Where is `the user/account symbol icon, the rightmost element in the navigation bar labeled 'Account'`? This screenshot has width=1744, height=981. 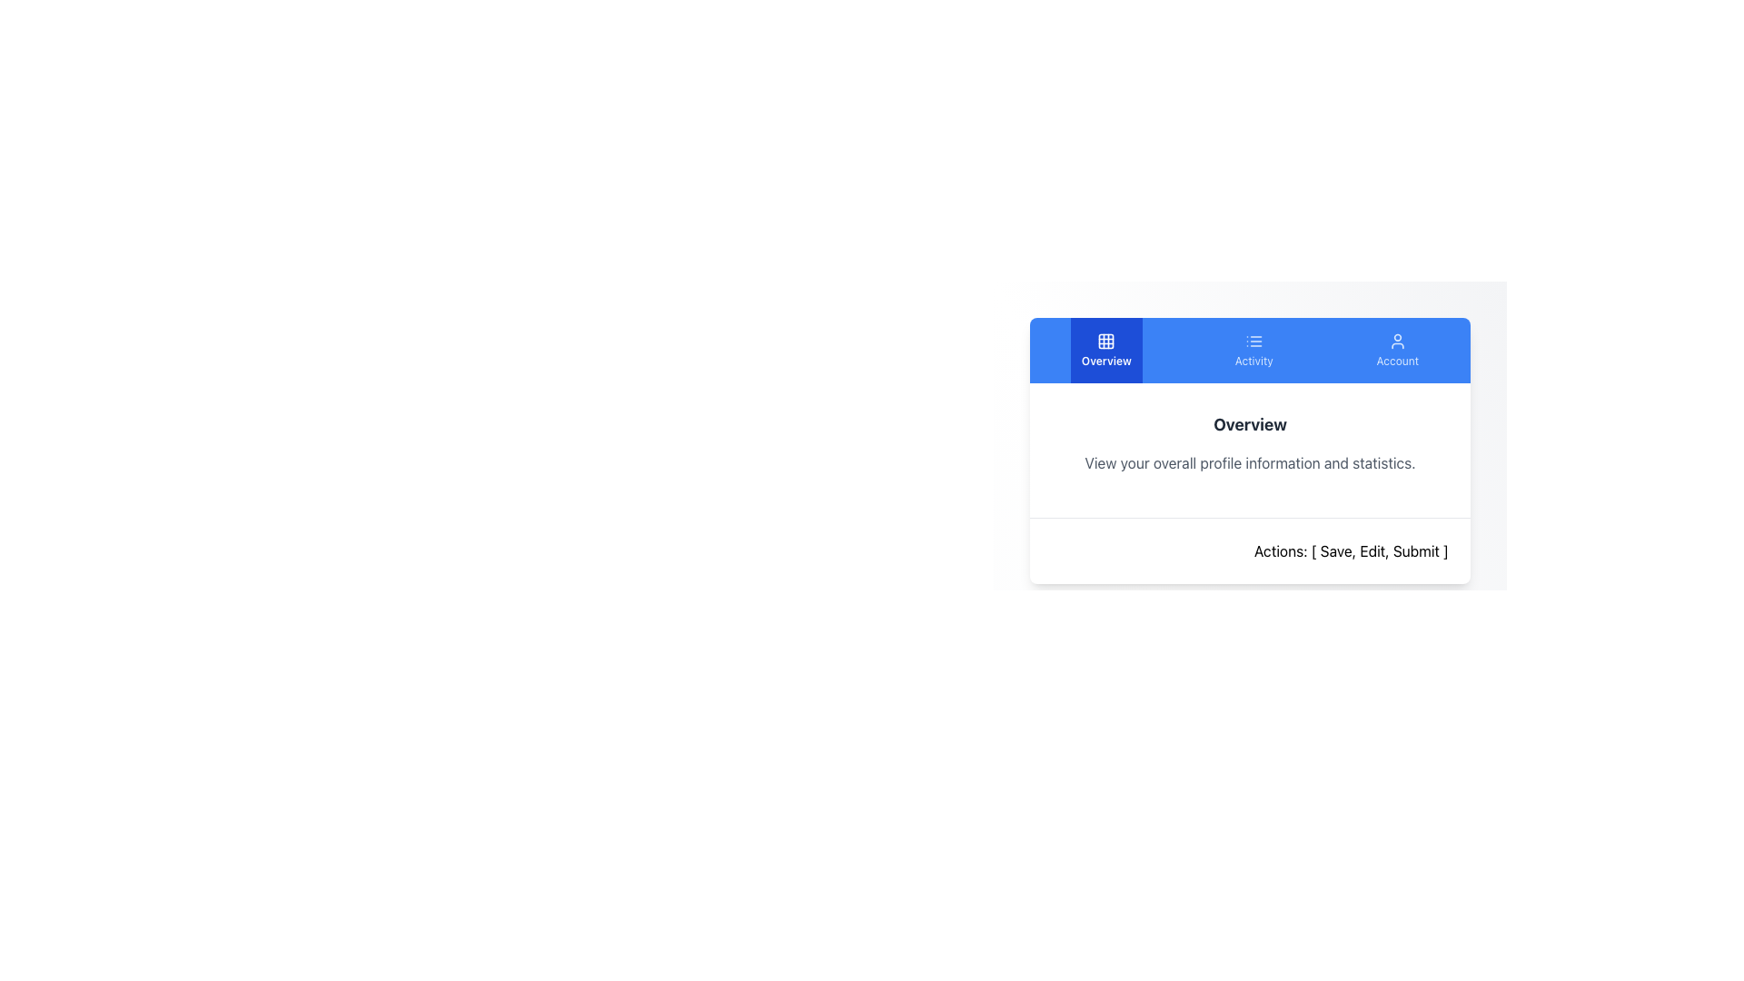
the user/account symbol icon, the rightmost element in the navigation bar labeled 'Account' is located at coordinates (1396, 341).